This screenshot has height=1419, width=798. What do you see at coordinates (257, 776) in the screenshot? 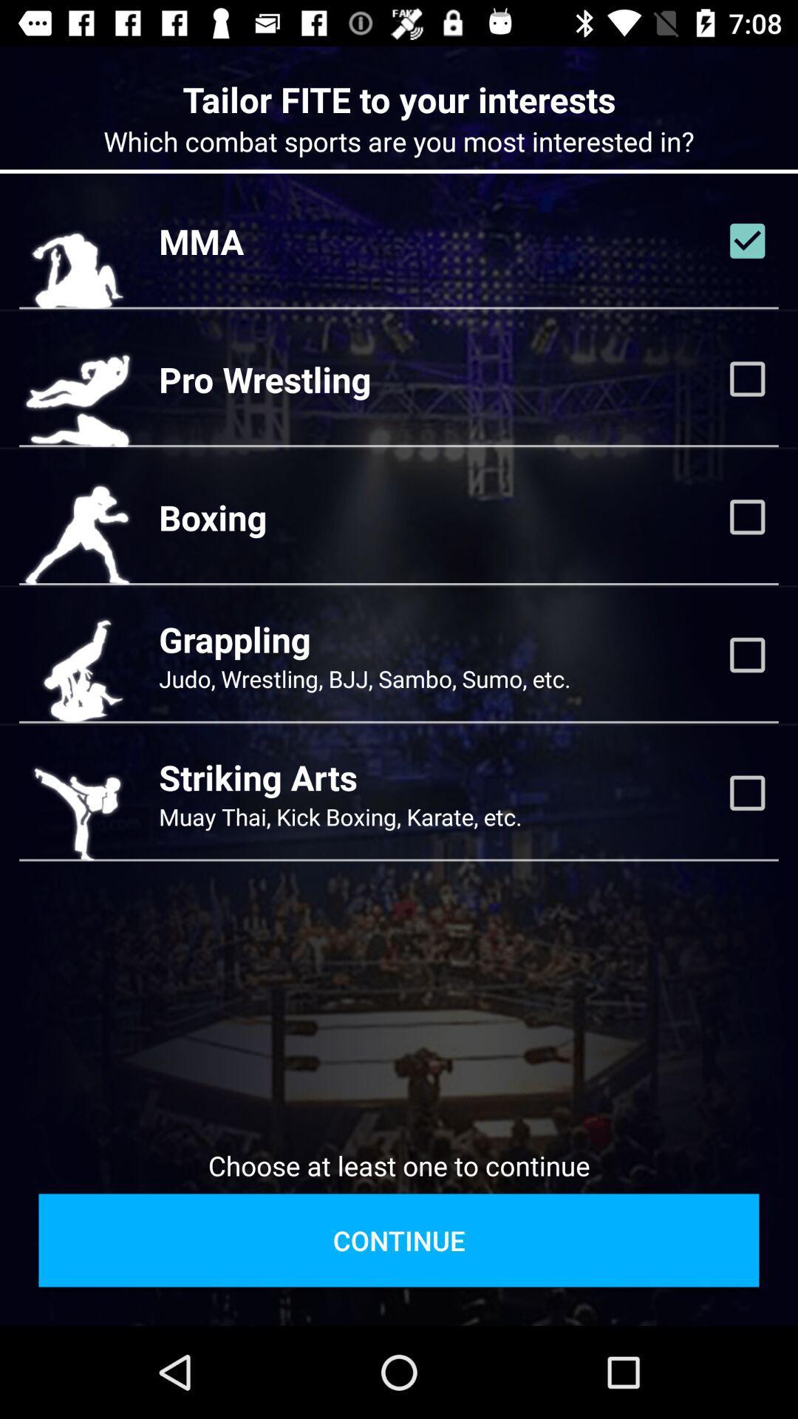
I see `striking arts item` at bounding box center [257, 776].